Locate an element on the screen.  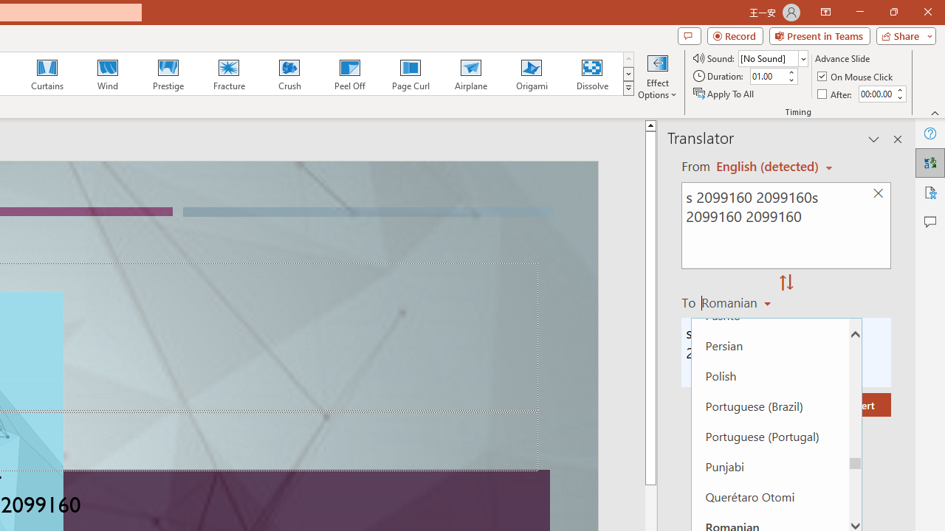
'Page Curl' is located at coordinates (410, 74).